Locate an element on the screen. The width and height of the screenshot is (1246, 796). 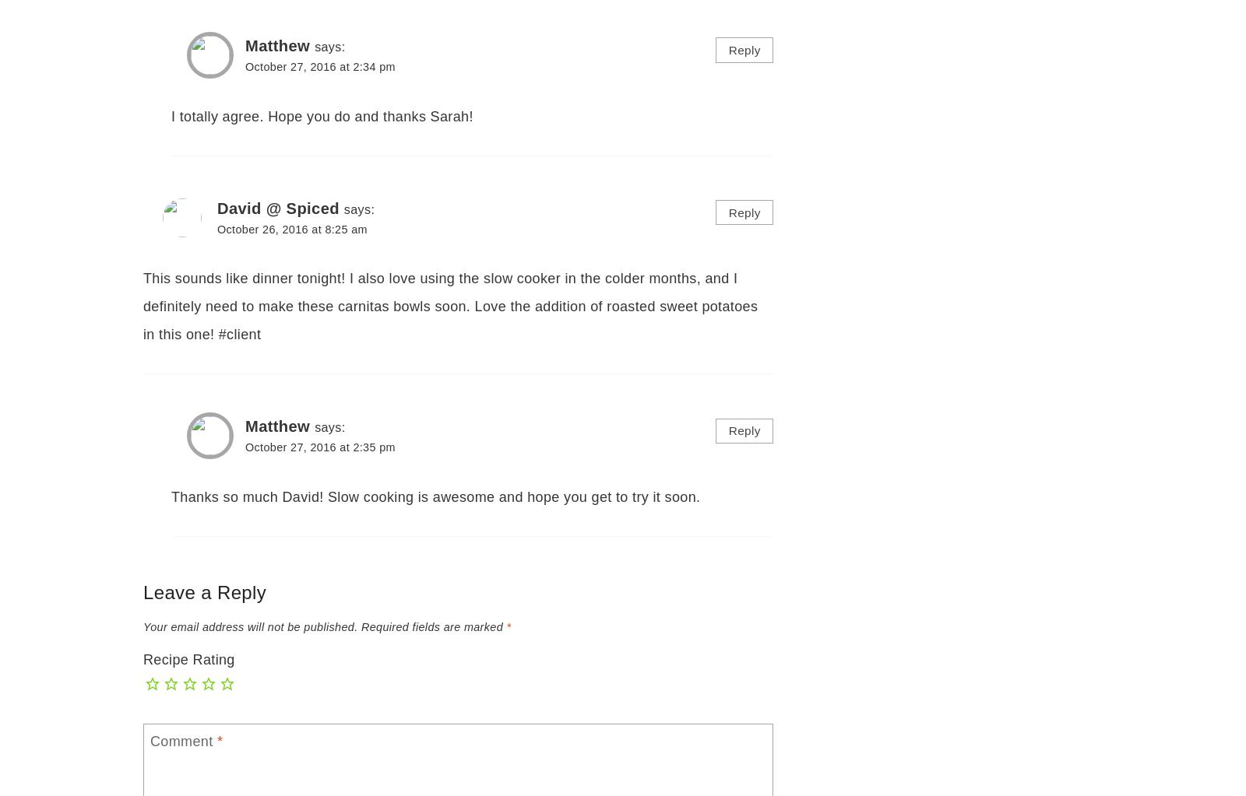
'Leave a Reply' is located at coordinates (143, 591).